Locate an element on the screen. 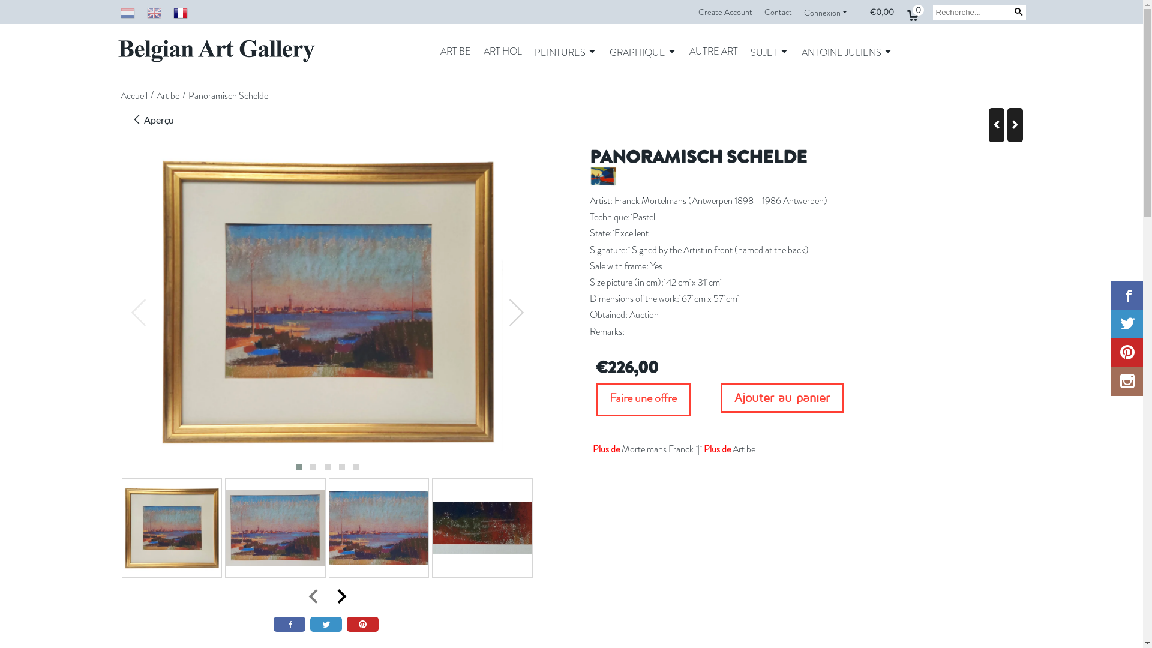 The image size is (1152, 648). 'Plus de Mortelmans Franck' is located at coordinates (643, 449).